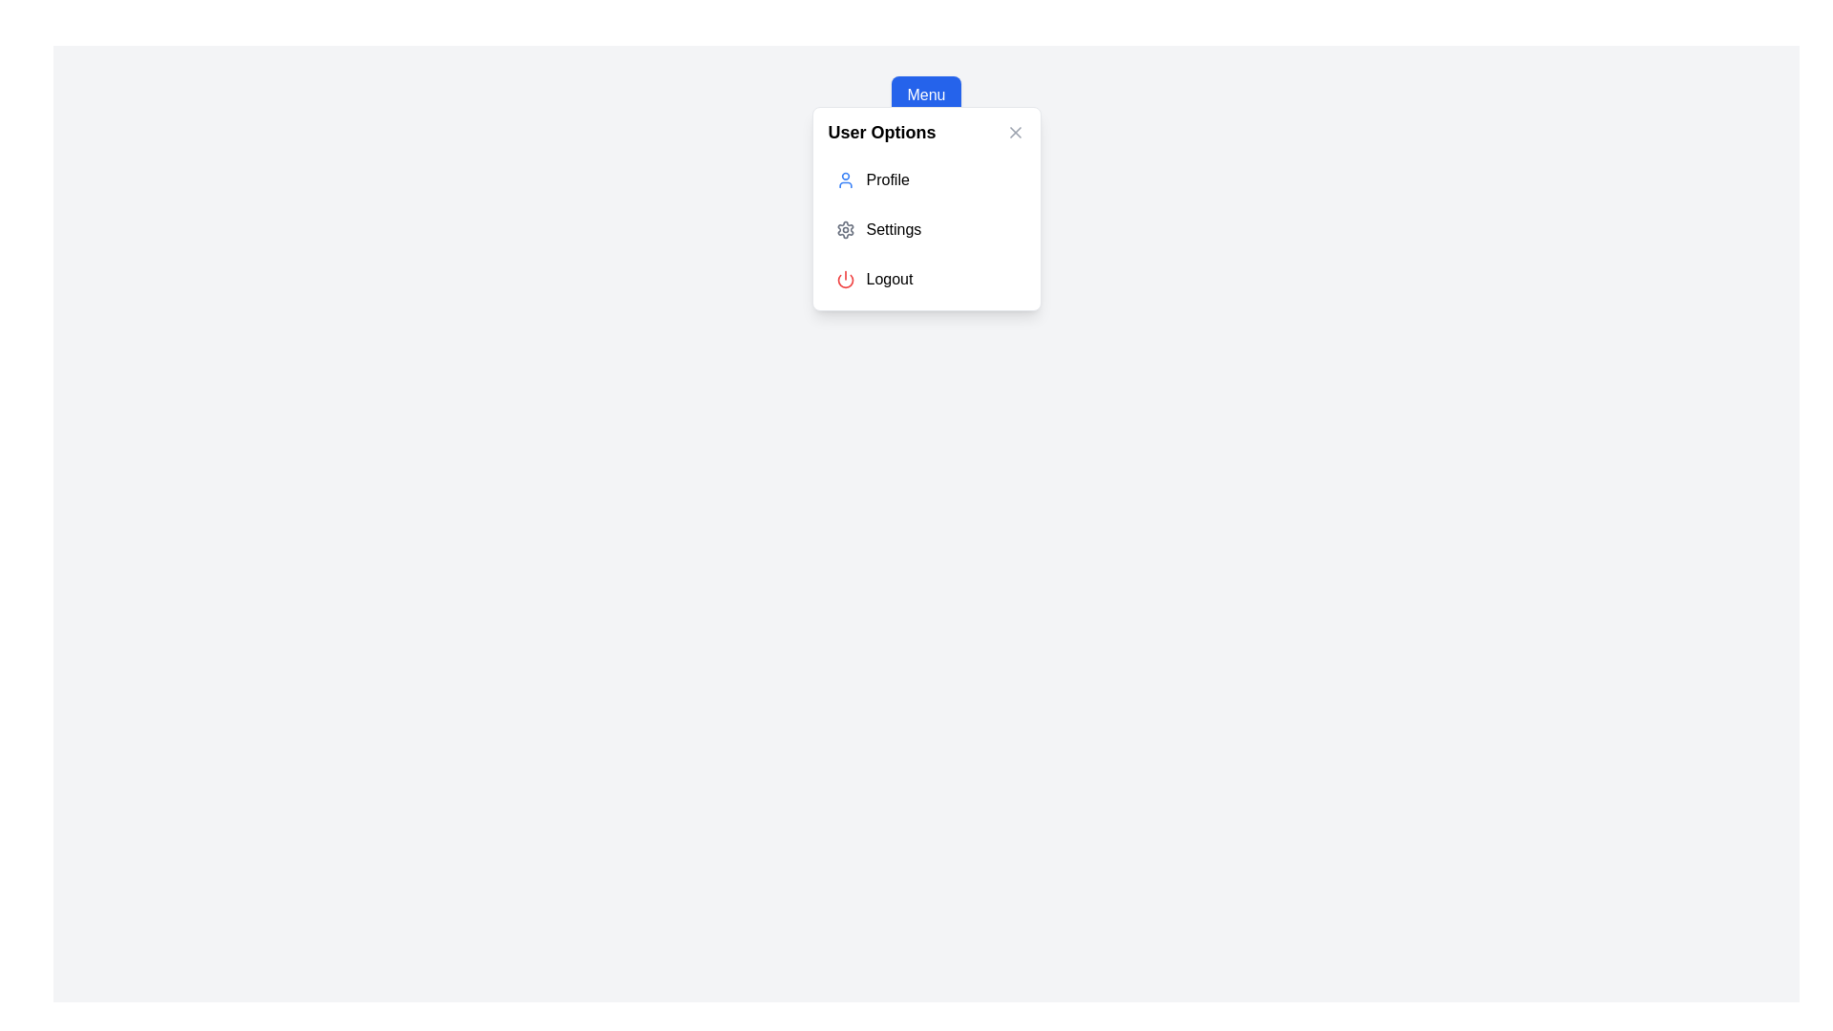 The image size is (1833, 1031). I want to click on the settings icon located to the left of the text 'Settings' in the dropdown menu under 'User Options', so click(844, 228).